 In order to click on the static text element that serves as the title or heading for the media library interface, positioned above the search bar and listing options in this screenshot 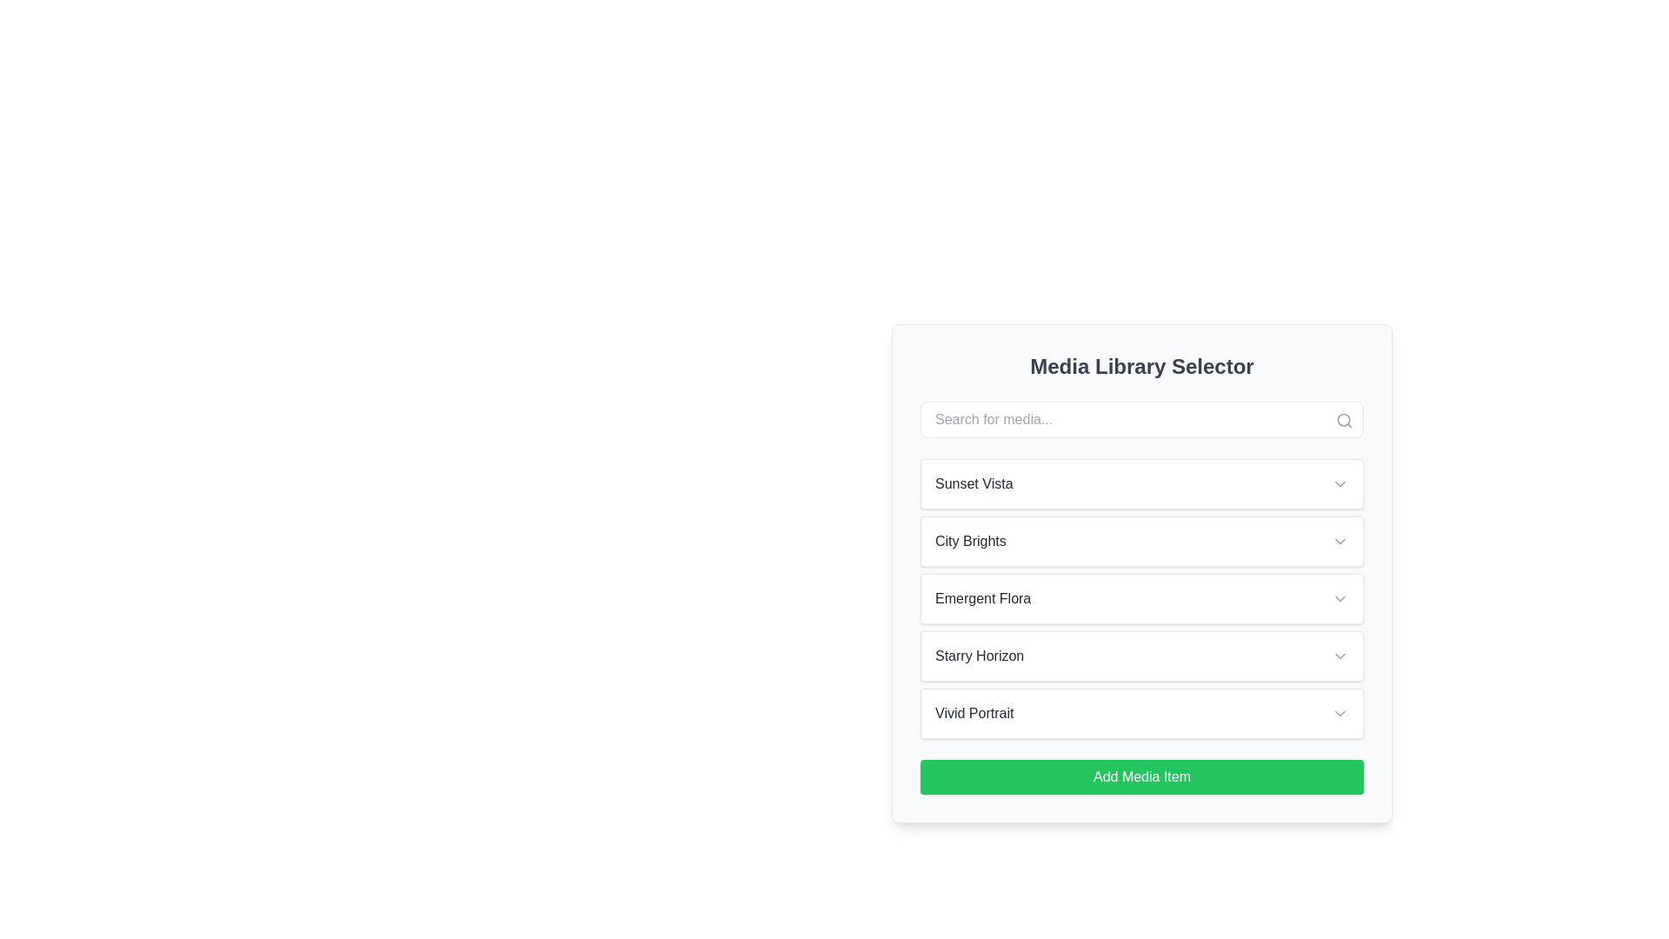, I will do `click(1142, 365)`.